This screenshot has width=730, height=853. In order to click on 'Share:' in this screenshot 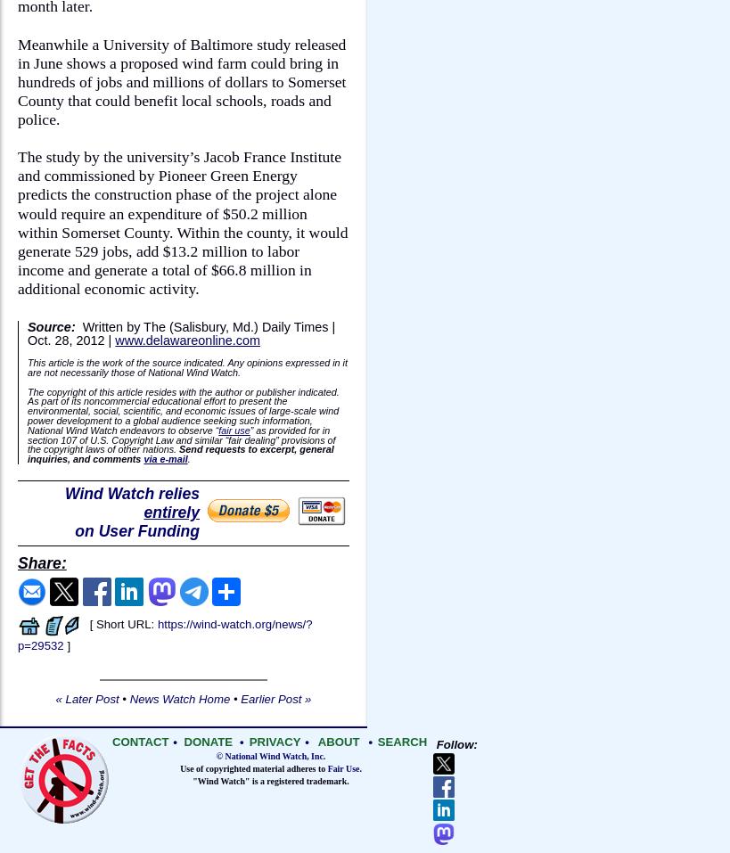, I will do `click(41, 562)`.